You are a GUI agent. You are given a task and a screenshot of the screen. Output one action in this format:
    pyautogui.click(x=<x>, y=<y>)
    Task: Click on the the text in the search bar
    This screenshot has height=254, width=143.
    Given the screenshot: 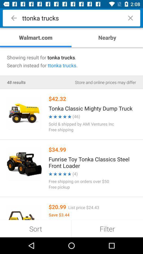 What is the action you would take?
    pyautogui.click(x=71, y=18)
    